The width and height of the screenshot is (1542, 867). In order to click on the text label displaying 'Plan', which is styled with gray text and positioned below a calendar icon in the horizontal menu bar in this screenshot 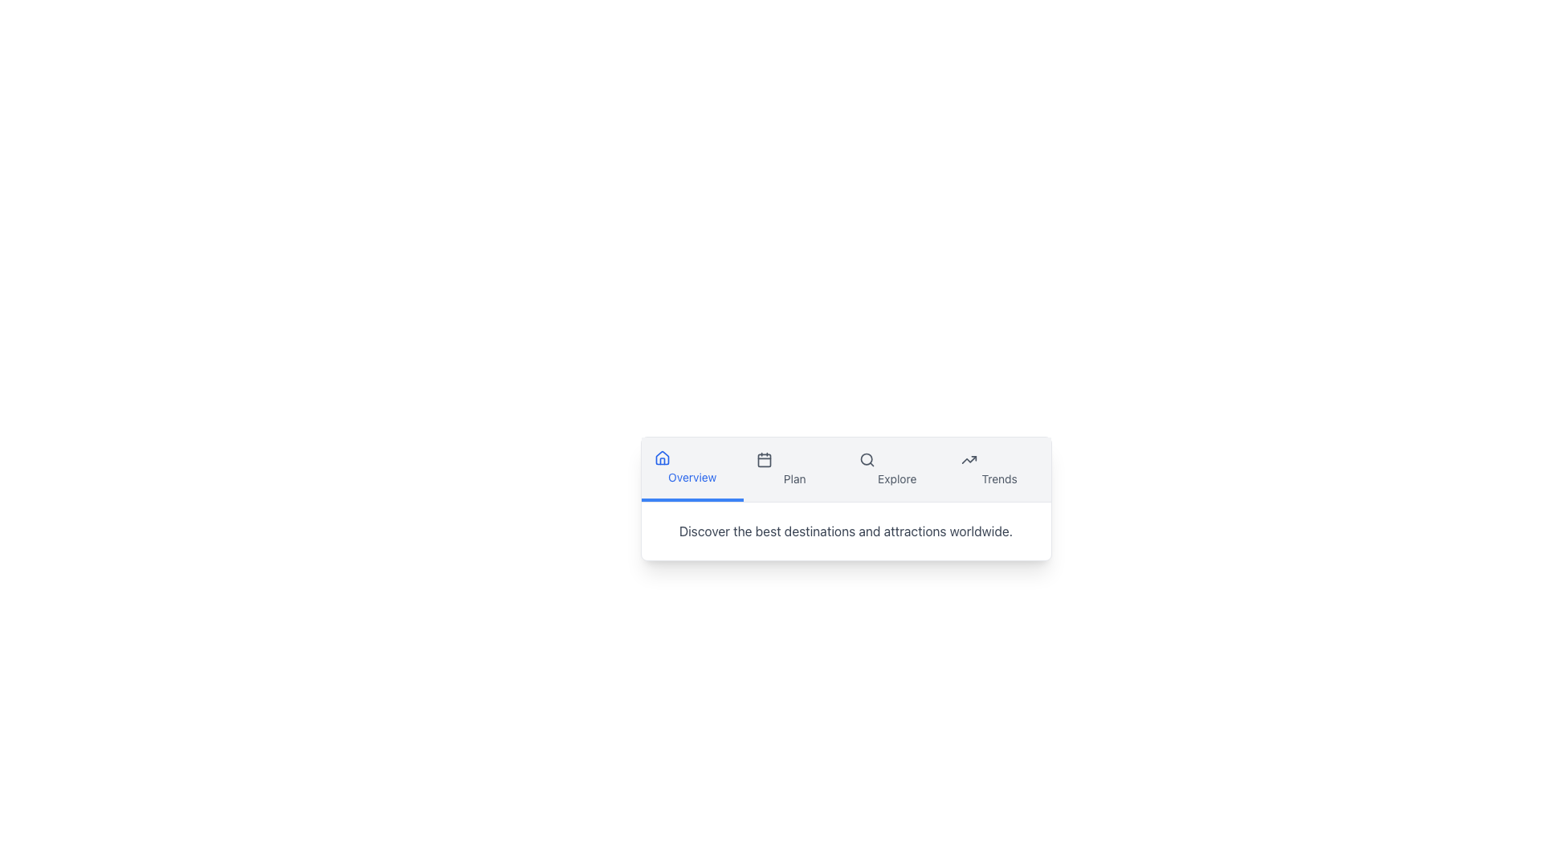, I will do `click(794, 478)`.